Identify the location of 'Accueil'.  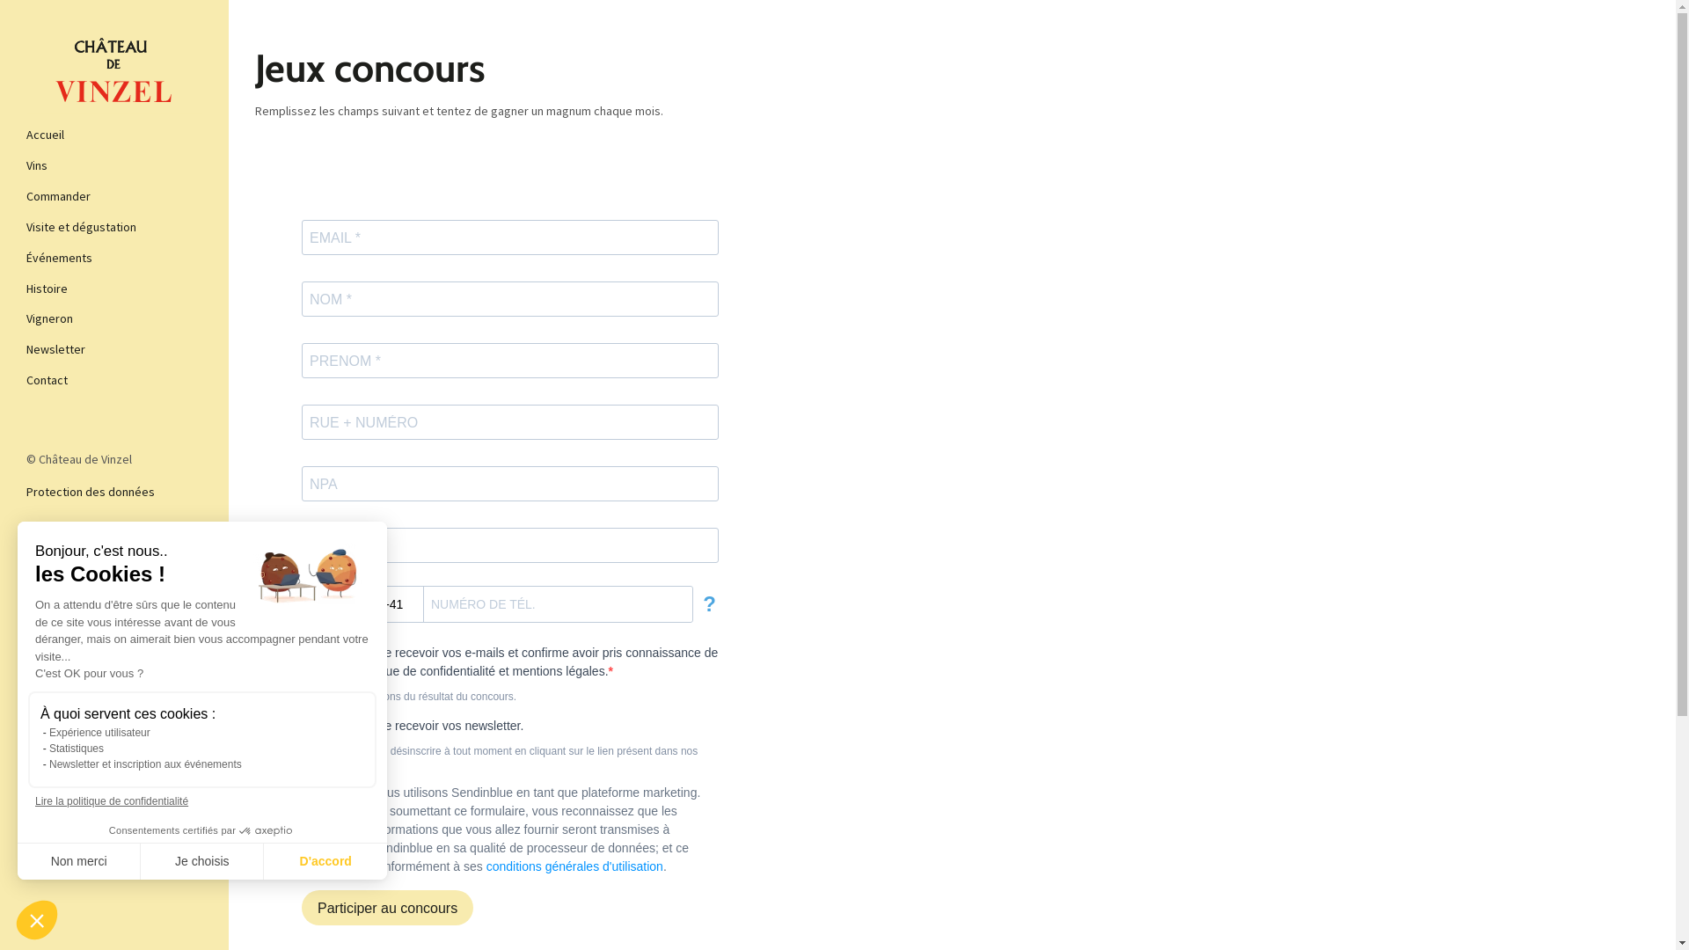
(113, 134).